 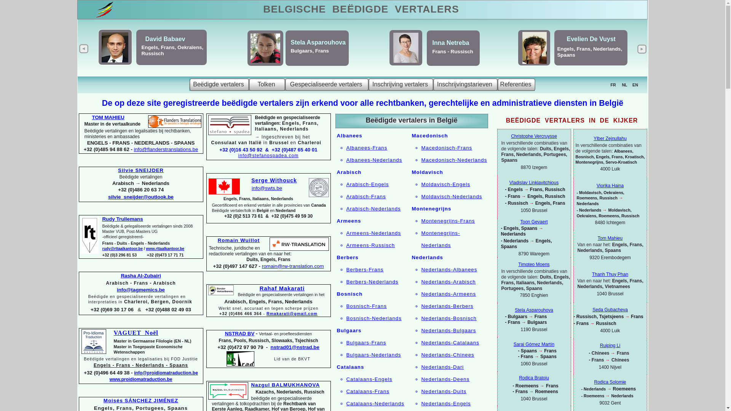 What do you see at coordinates (108, 117) in the screenshot?
I see `'TOM MAHIEU'` at bounding box center [108, 117].